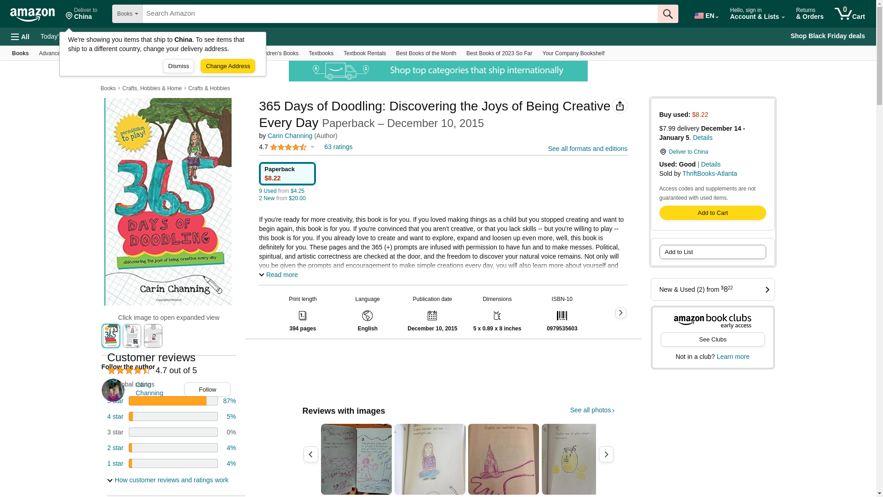 The width and height of the screenshot is (883, 497). Describe the element at coordinates (573, 53) in the screenshot. I see `'Your Company Bookshelf'` at that location.